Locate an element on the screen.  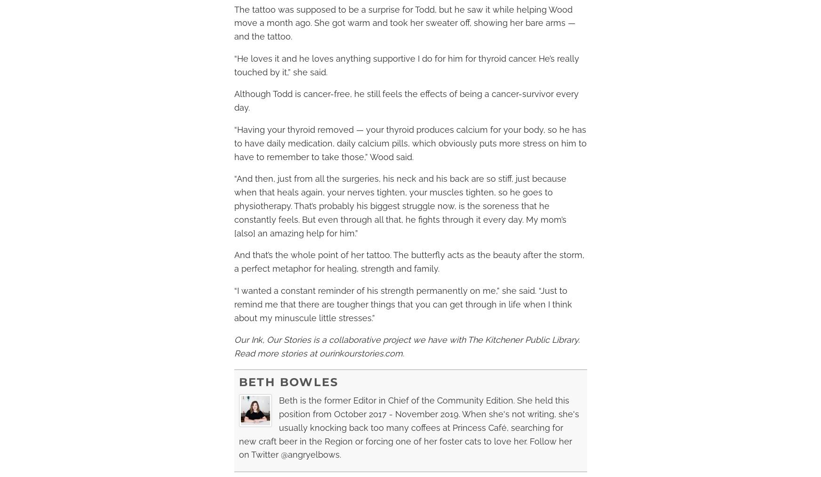
'The tattoo was supposed to be a surprise for Todd, but he saw it while helping Wood move a month ago. She got warm and took her sweater off, showing her bare arms — and the tattoo.' is located at coordinates (404, 22).